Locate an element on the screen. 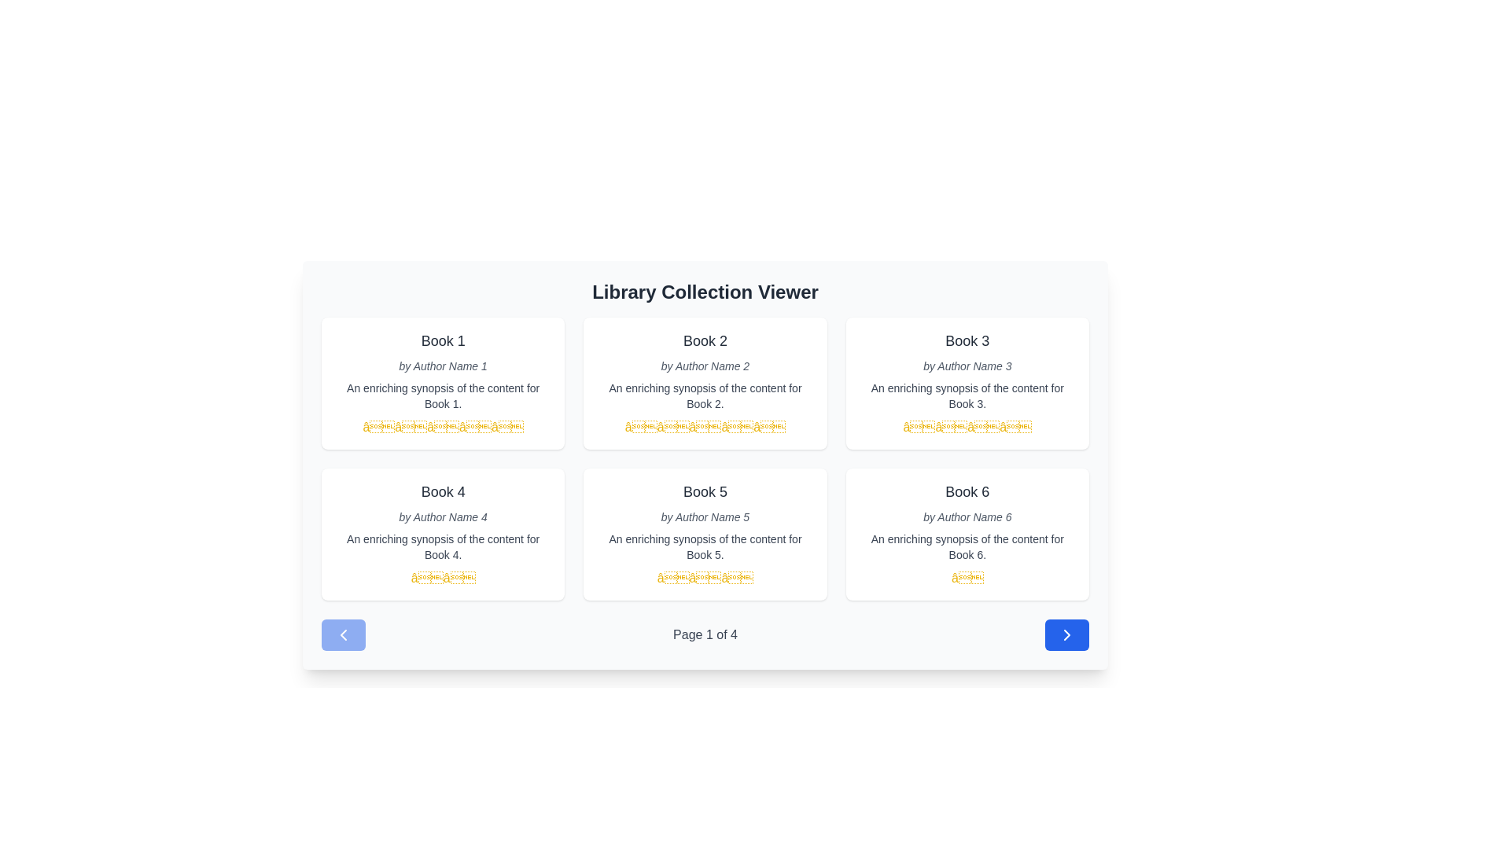 This screenshot has height=849, width=1510. the first star icon representing the rating is located at coordinates (641, 427).